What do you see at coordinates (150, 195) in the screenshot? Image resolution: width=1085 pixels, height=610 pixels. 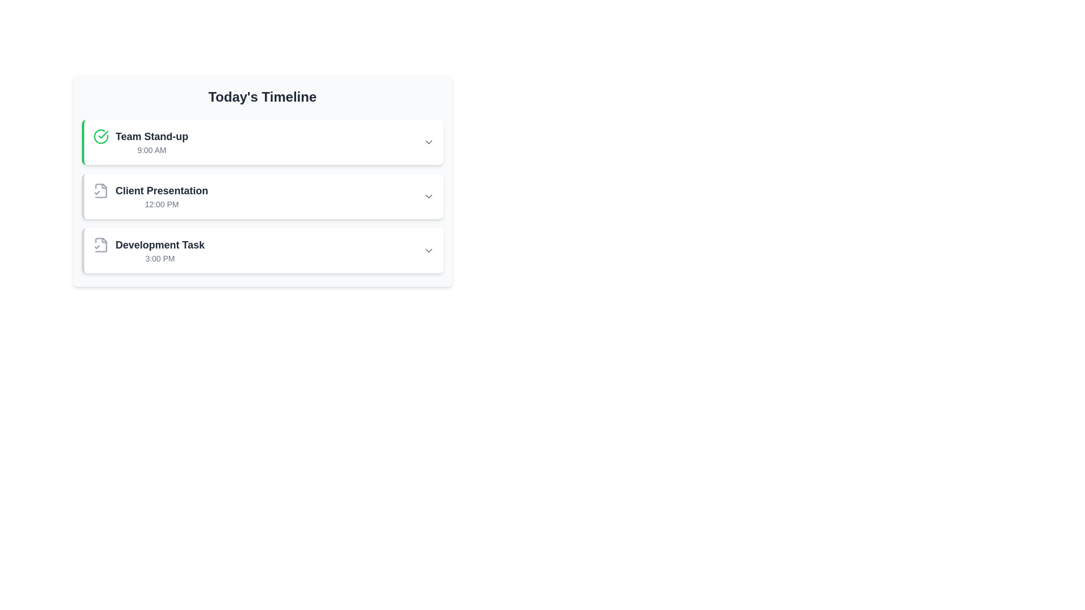 I see `the 'Client Presentation' list item in the 'Today's Timeline' section` at bounding box center [150, 195].